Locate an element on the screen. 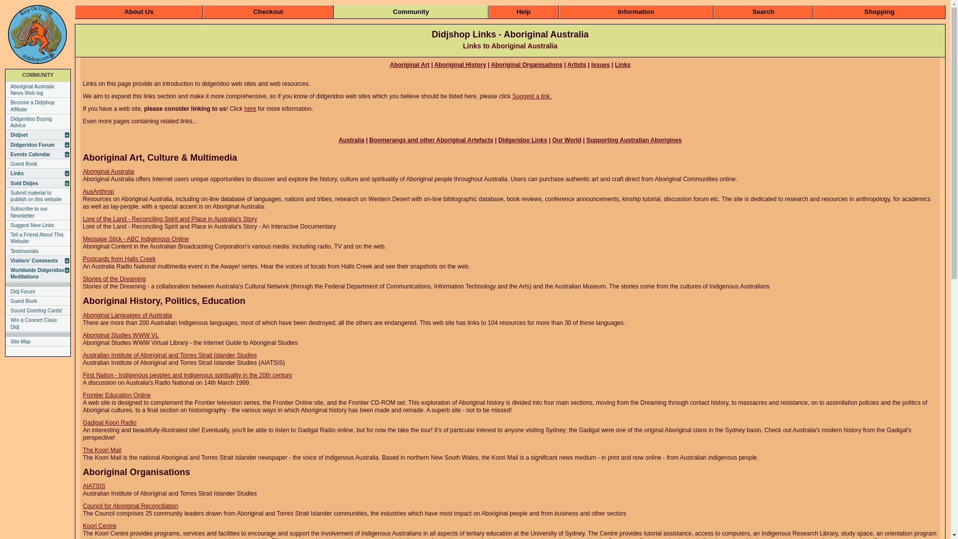 The width and height of the screenshot is (958, 539). 'Frontier Education Online' is located at coordinates (117, 394).